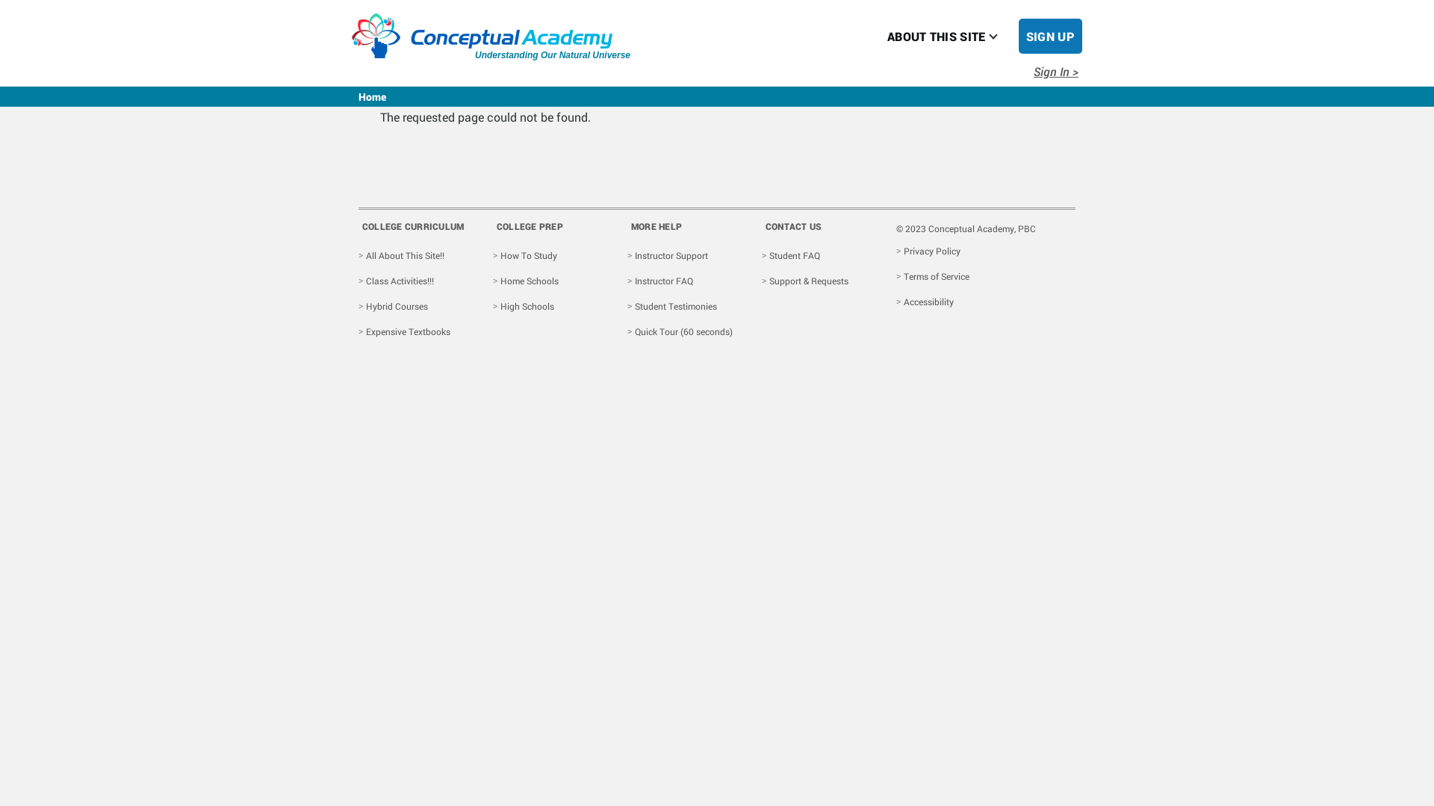  What do you see at coordinates (1032, 71) in the screenshot?
I see `'Sign In >'` at bounding box center [1032, 71].